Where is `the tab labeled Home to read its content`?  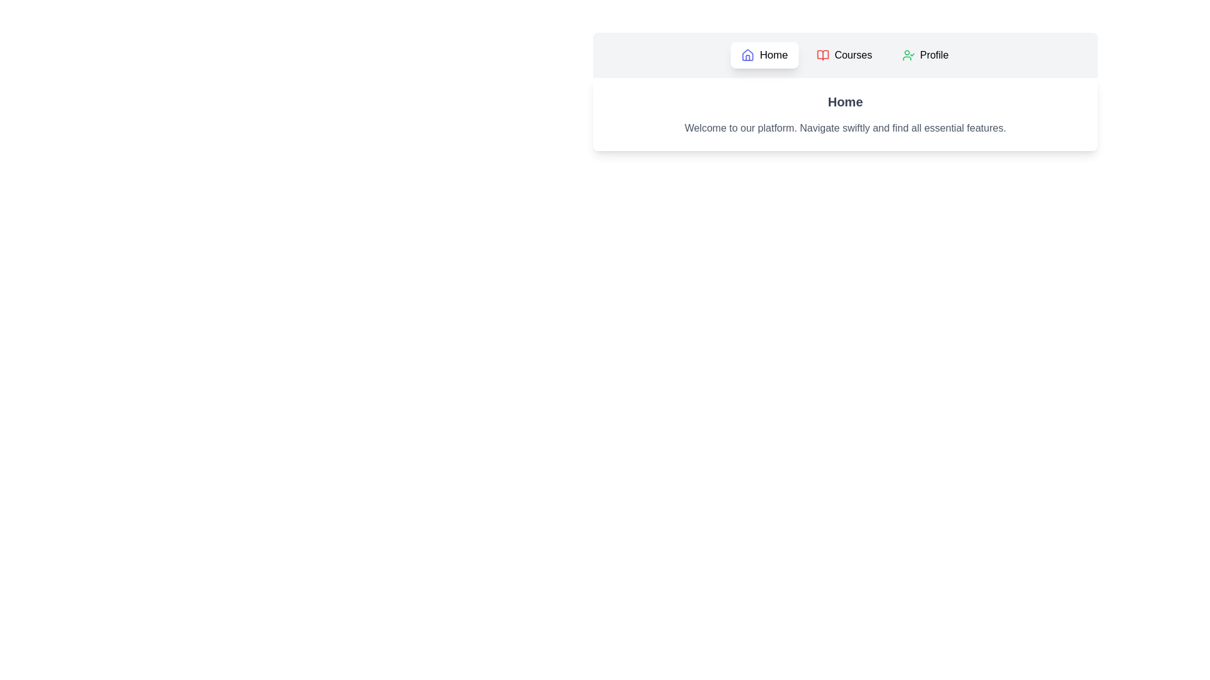
the tab labeled Home to read its content is located at coordinates (764, 55).